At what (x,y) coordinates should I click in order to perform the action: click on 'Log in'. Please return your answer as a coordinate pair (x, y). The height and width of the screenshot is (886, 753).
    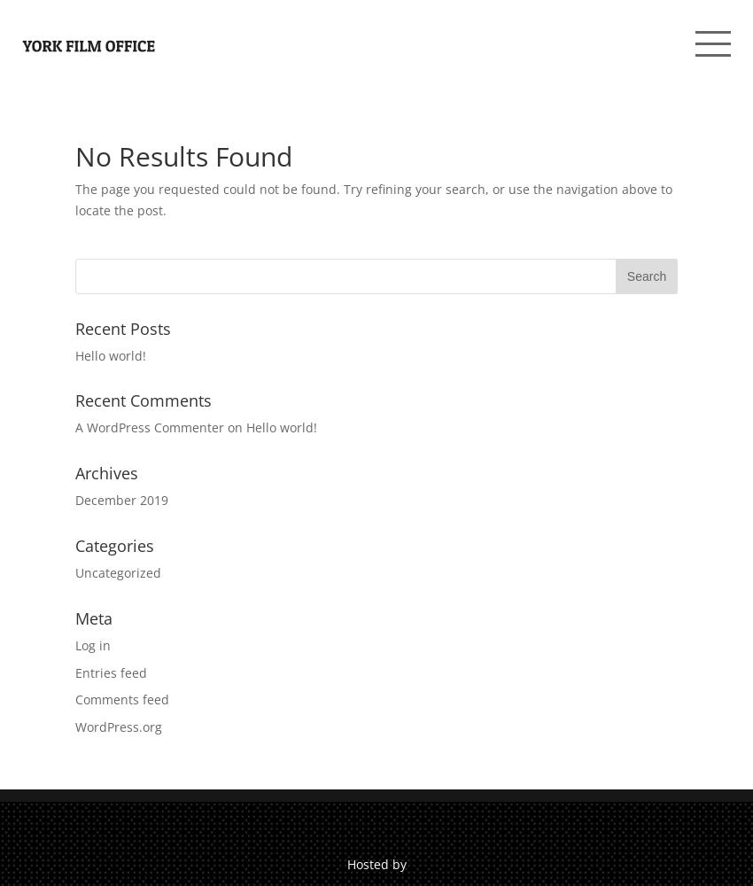
    Looking at the image, I should click on (91, 643).